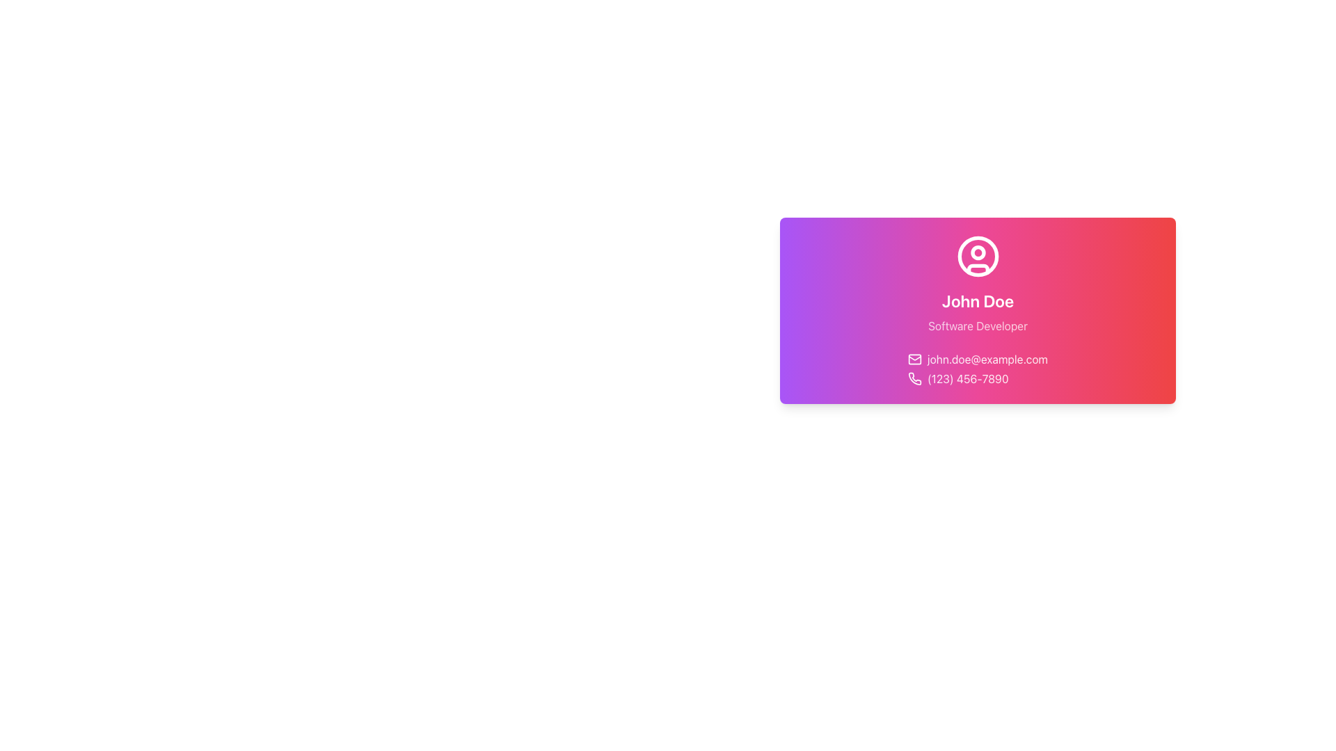 The width and height of the screenshot is (1336, 751). Describe the element at coordinates (915, 378) in the screenshot. I see `the phone icon located at the leftmost position in the contact details row, preceding the phone number '(123) 456-7890'` at that location.